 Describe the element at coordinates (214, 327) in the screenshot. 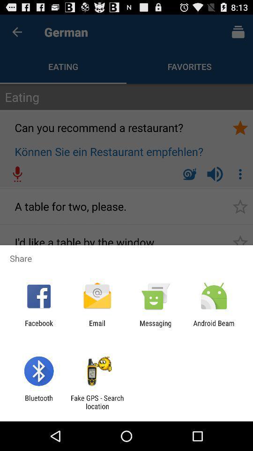

I see `the icon next to the messaging app` at that location.